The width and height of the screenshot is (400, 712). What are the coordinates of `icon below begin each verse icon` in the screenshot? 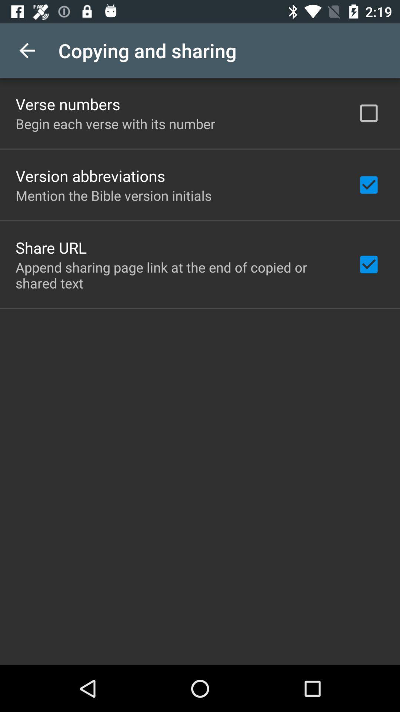 It's located at (90, 175).